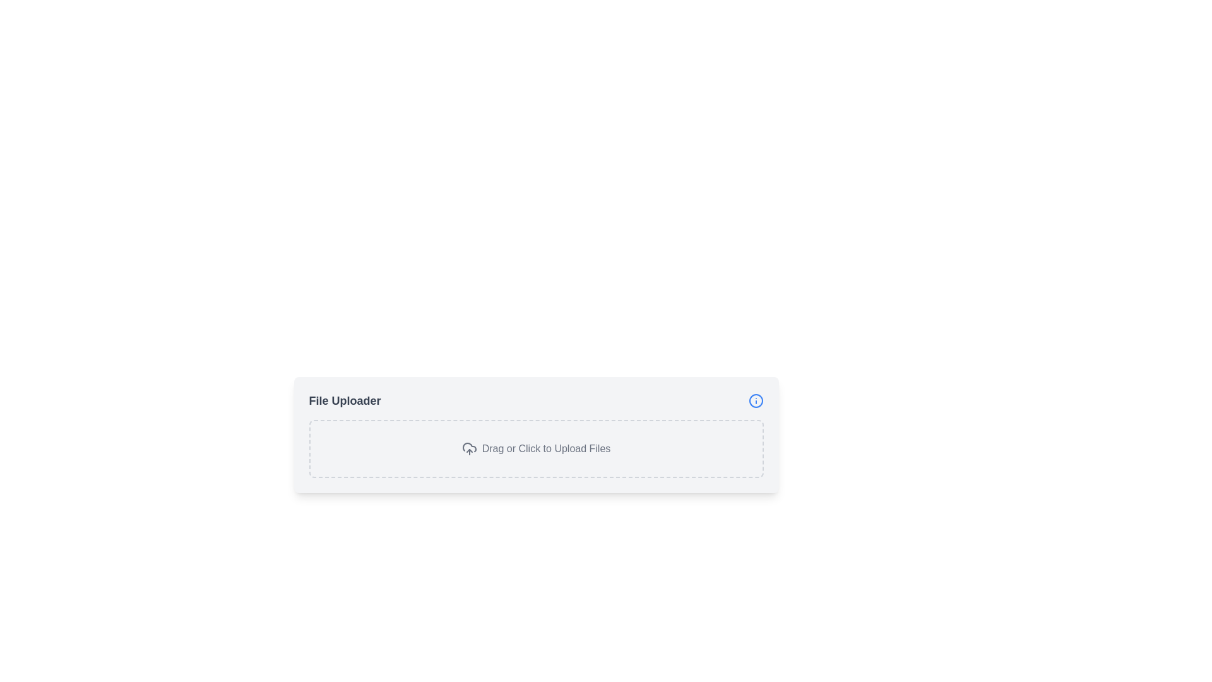  Describe the element at coordinates (536, 448) in the screenshot. I see `the File upload area with a dashed border and the text 'Drag or Click to Upload Files'` at that location.